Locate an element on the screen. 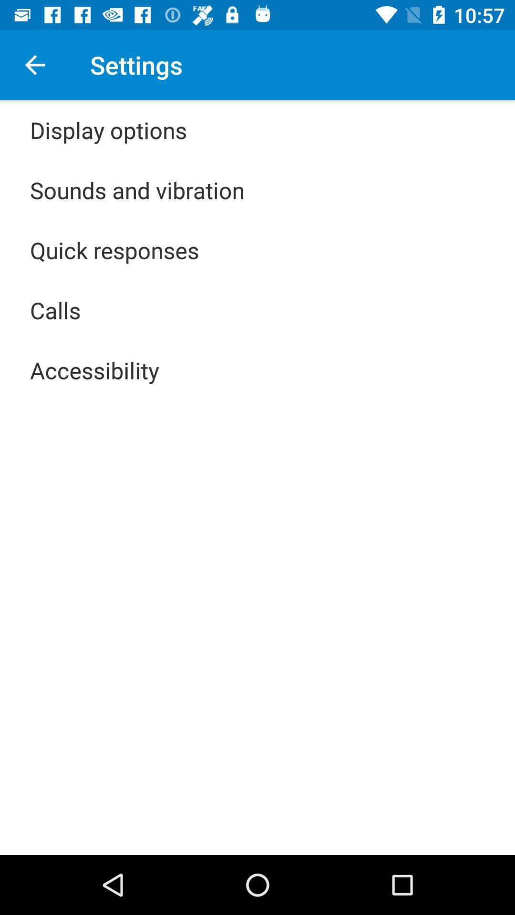 Image resolution: width=515 pixels, height=915 pixels. the quick responses icon is located at coordinates (114, 250).